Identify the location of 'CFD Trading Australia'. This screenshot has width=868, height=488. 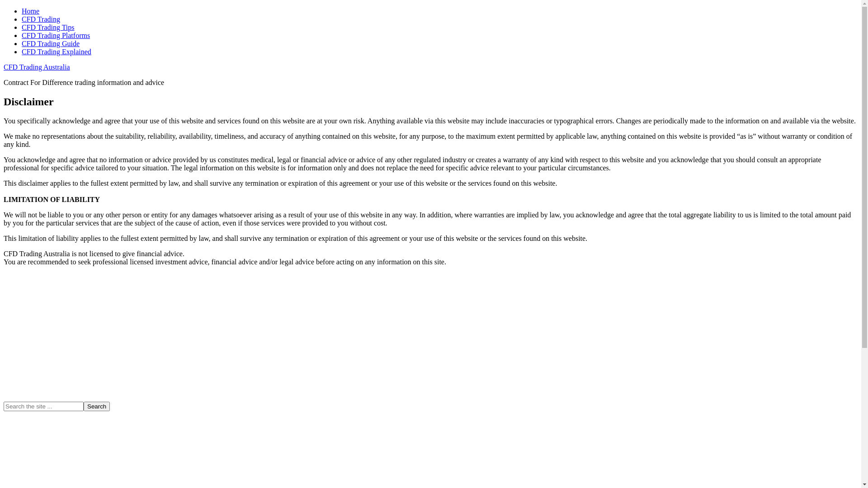
(36, 66).